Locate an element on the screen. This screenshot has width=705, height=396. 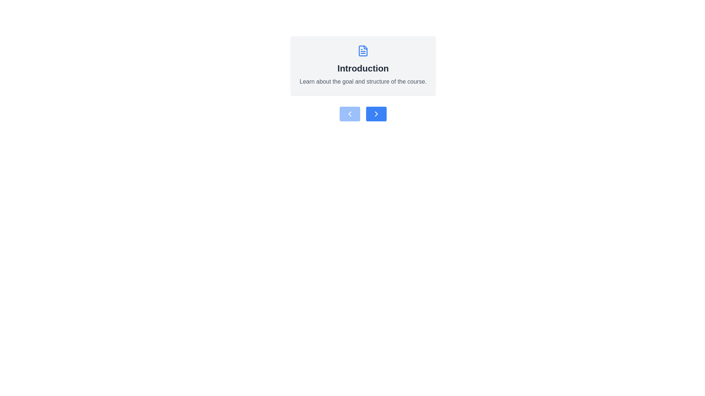
the right arrow icon located in the rightmost button of the button group below the title 'Introduction' is located at coordinates (376, 114).